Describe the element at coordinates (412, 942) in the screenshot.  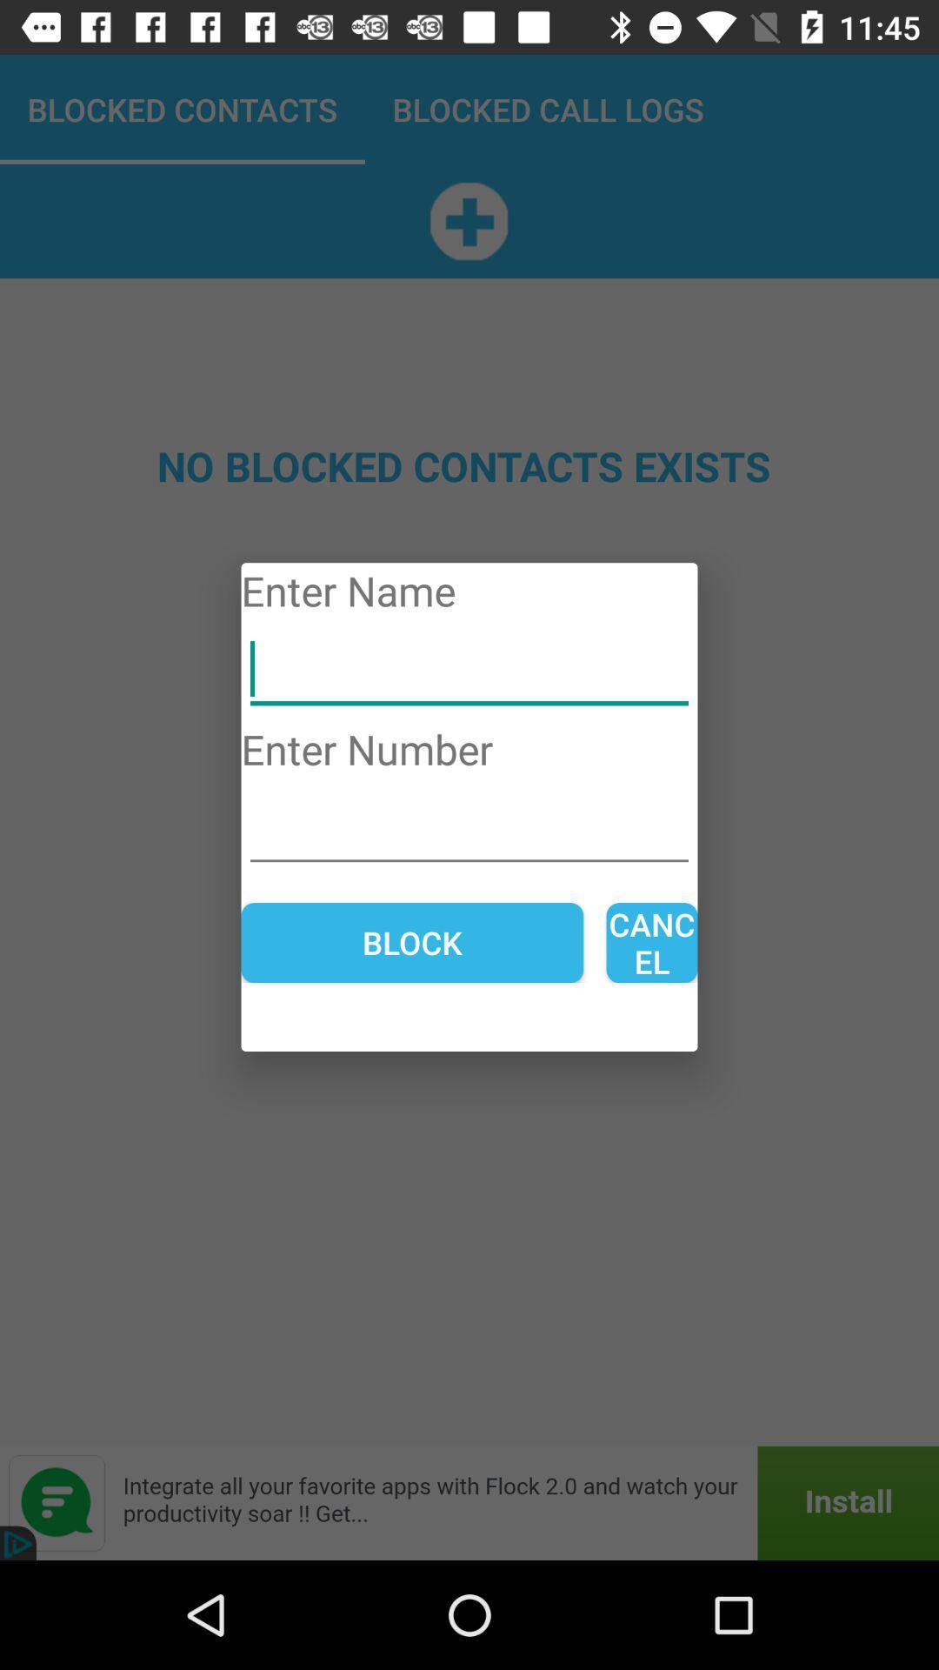
I see `icon next to the cancel item` at that location.